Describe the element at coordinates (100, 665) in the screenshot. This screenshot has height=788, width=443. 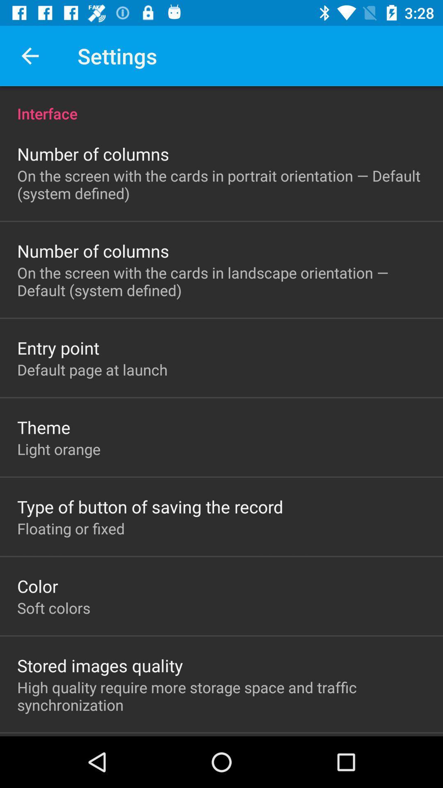
I see `icon below the soft colors` at that location.